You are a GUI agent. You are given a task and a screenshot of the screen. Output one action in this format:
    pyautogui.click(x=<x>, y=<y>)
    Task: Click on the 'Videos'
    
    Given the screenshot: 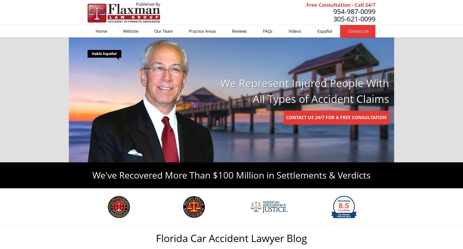 What is the action you would take?
    pyautogui.click(x=295, y=31)
    